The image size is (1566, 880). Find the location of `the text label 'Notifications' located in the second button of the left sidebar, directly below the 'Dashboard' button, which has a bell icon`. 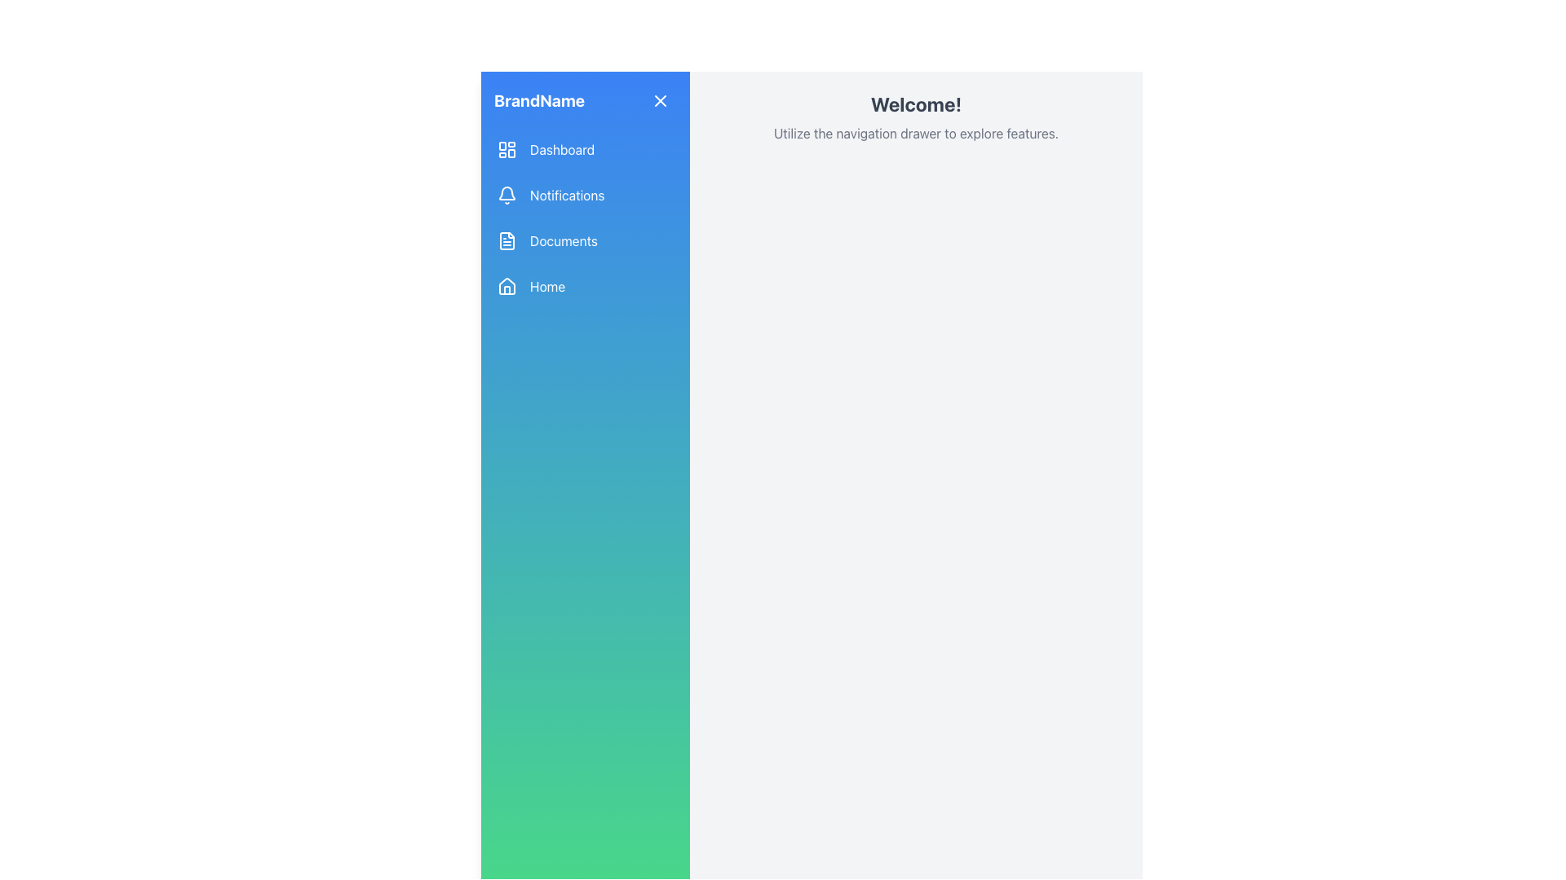

the text label 'Notifications' located in the second button of the left sidebar, directly below the 'Dashboard' button, which has a bell icon is located at coordinates (567, 194).